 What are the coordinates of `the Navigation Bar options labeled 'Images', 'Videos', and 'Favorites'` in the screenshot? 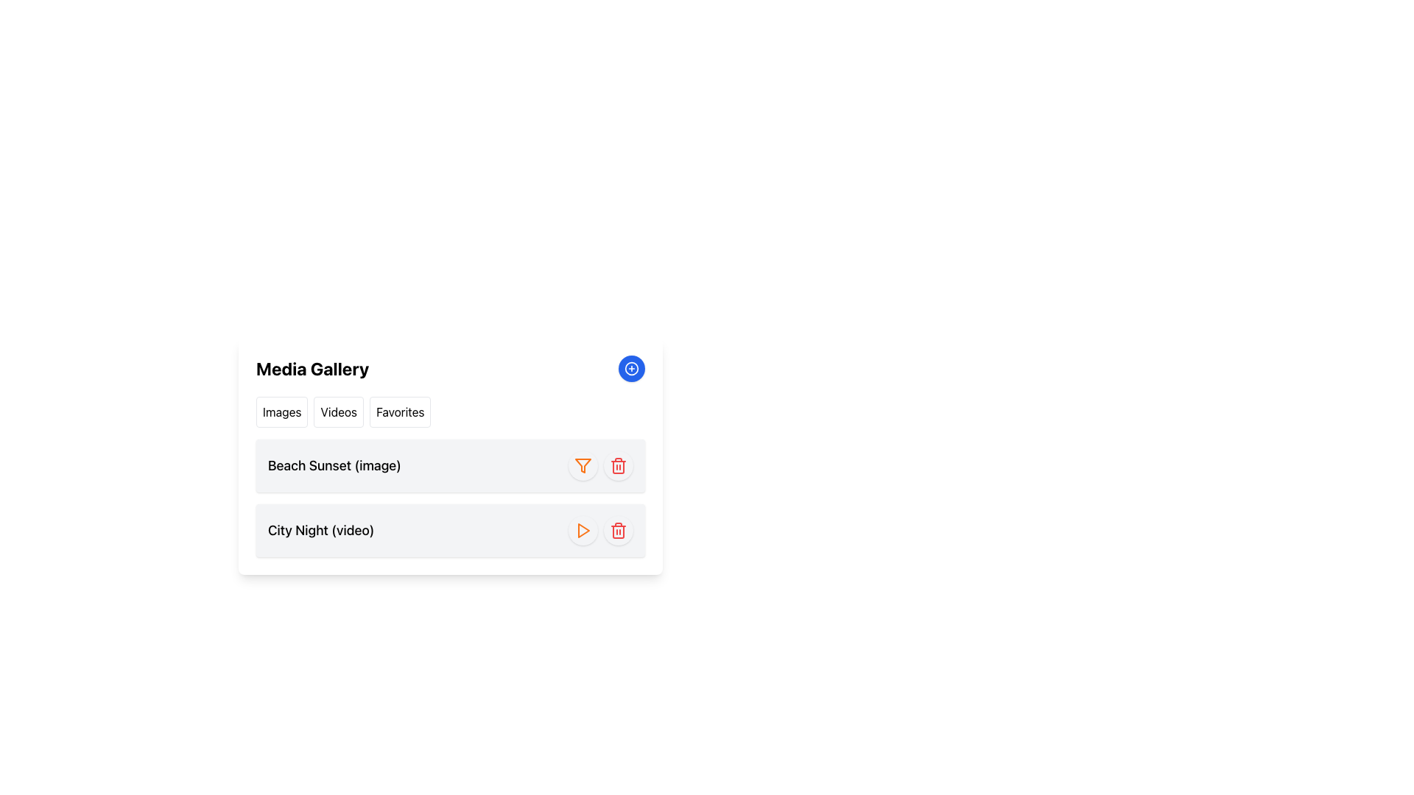 It's located at (449, 411).